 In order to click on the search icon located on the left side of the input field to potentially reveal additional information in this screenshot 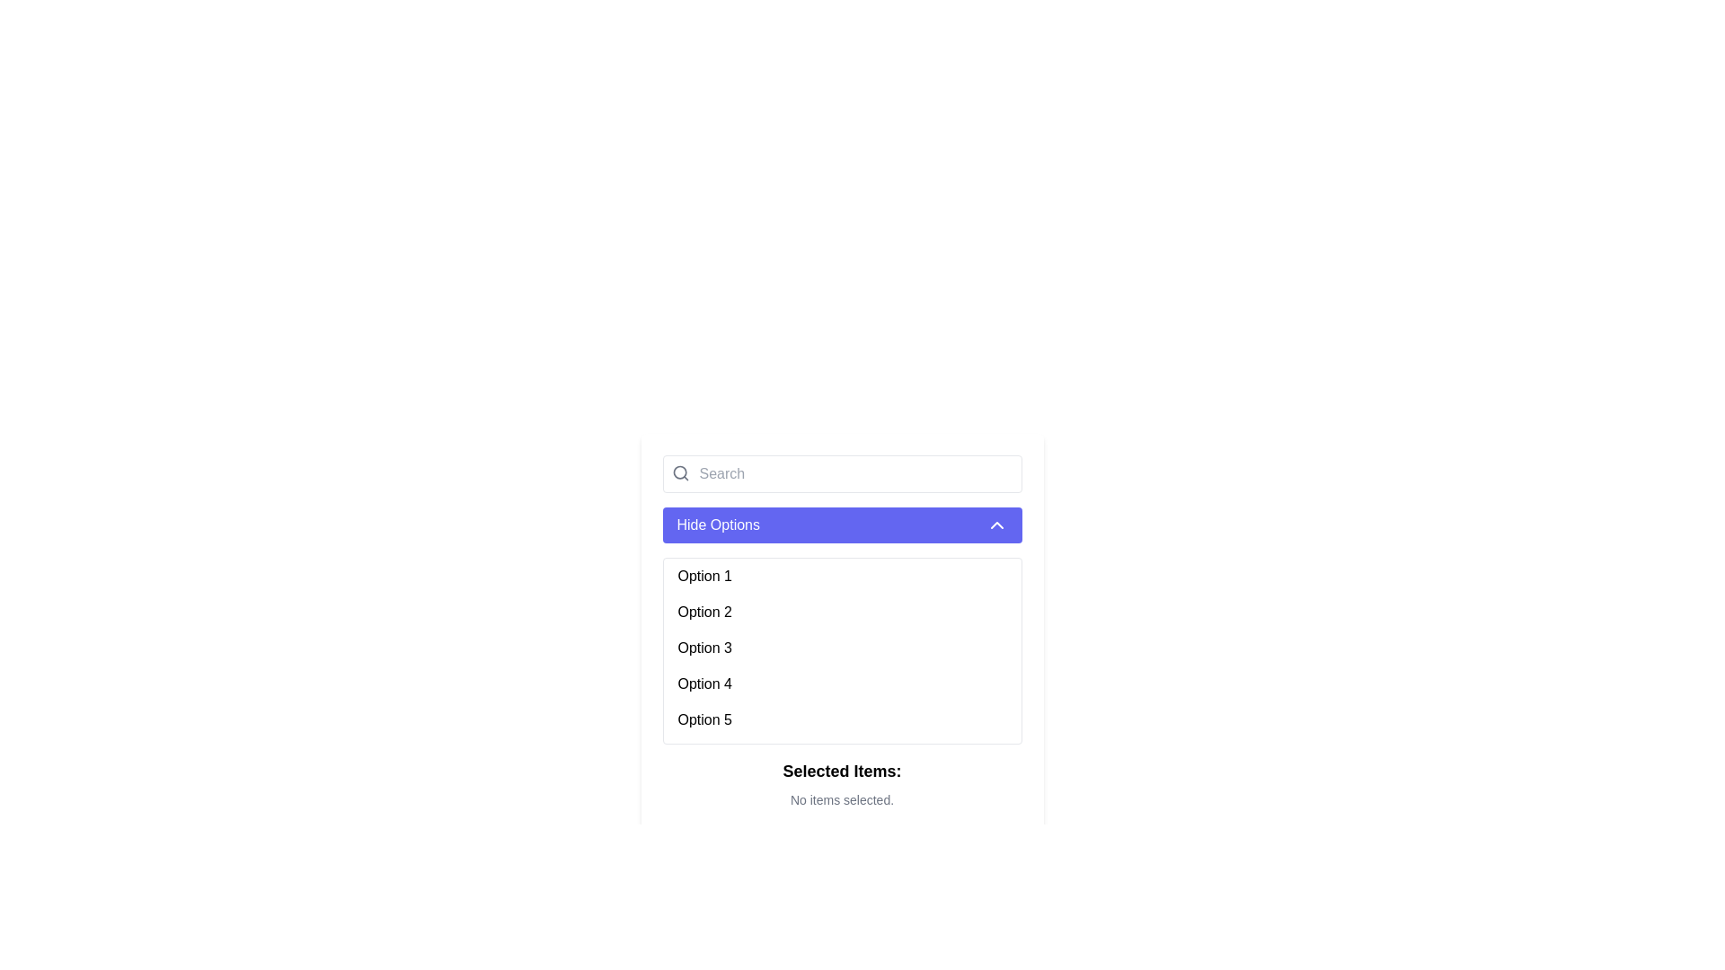, I will do `click(679, 472)`.